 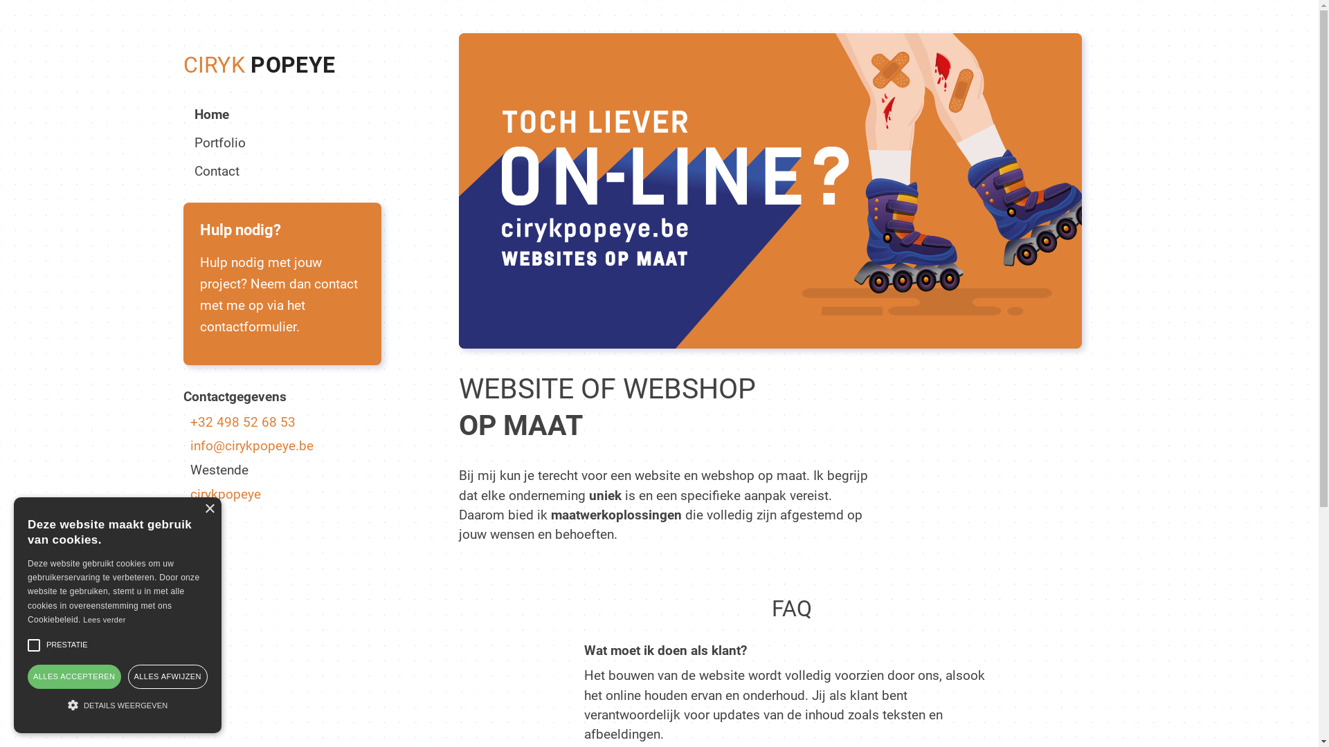 I want to click on 'Lees verder', so click(x=103, y=618).